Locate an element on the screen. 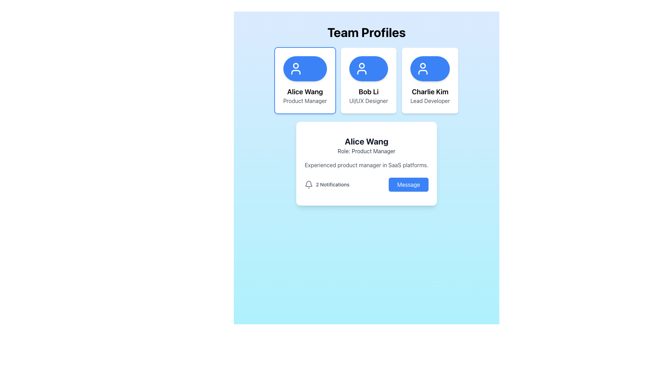 The image size is (670, 377). the bell-shaped notification icon, which is gray and outlined, located at the beginning of the section with the text '2 Notifications' in the lower-left region of Alice Wang's information card is located at coordinates (308, 184).